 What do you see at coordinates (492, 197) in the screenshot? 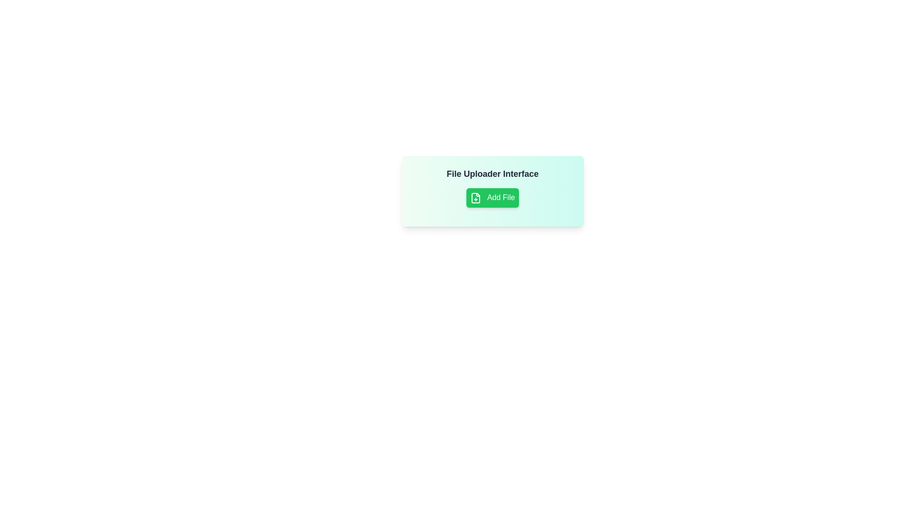
I see `the green button labeled 'Add File'` at bounding box center [492, 197].